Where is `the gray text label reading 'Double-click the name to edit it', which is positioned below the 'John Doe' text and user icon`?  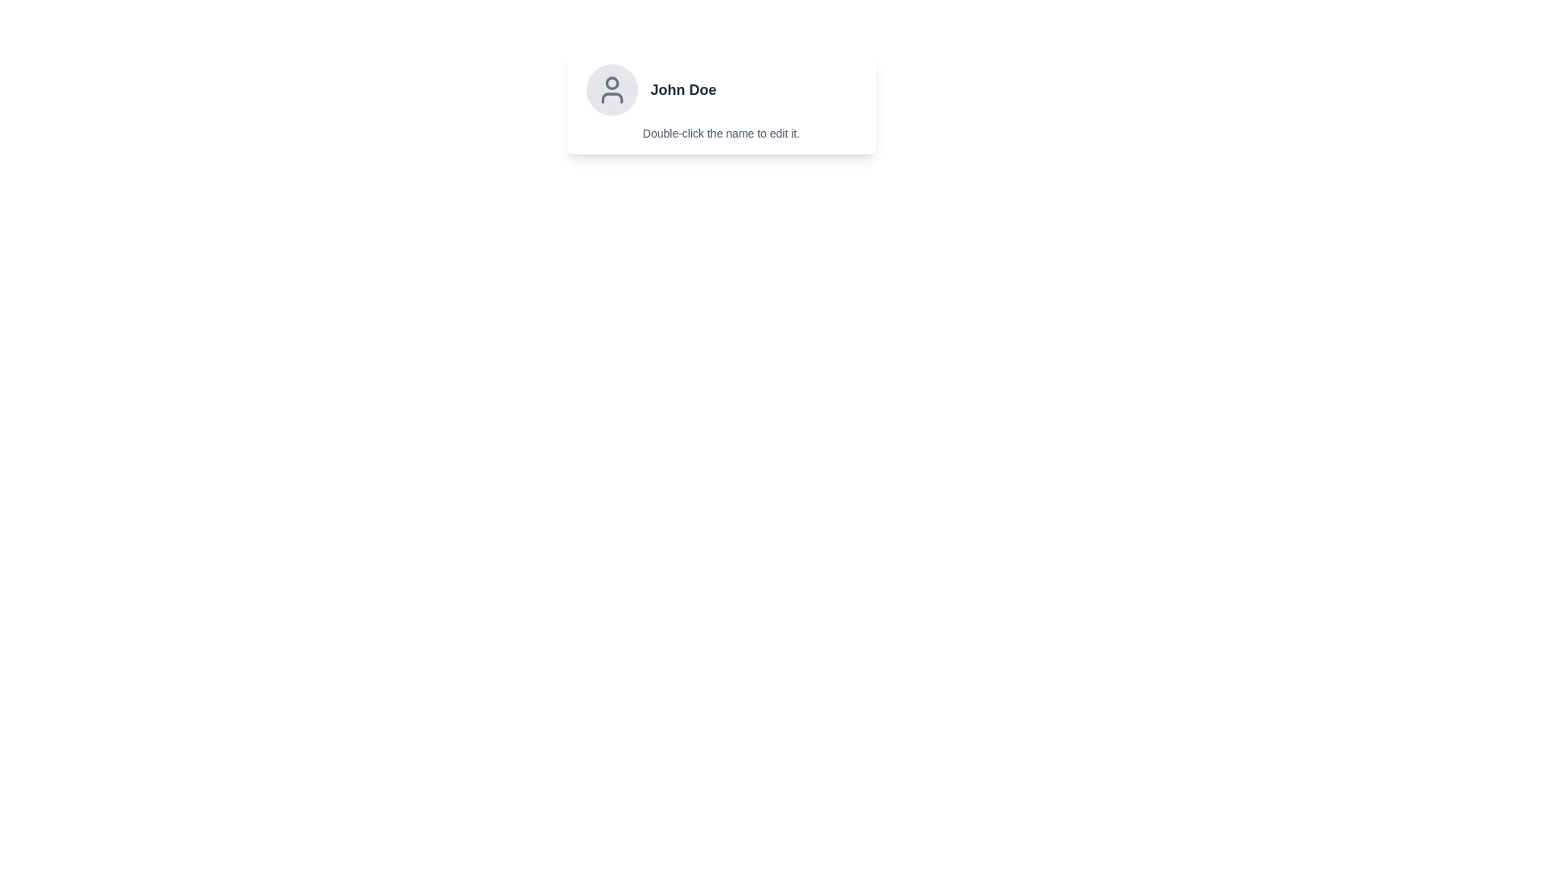
the gray text label reading 'Double-click the name to edit it', which is positioned below the 'John Doe' text and user icon is located at coordinates (720, 132).